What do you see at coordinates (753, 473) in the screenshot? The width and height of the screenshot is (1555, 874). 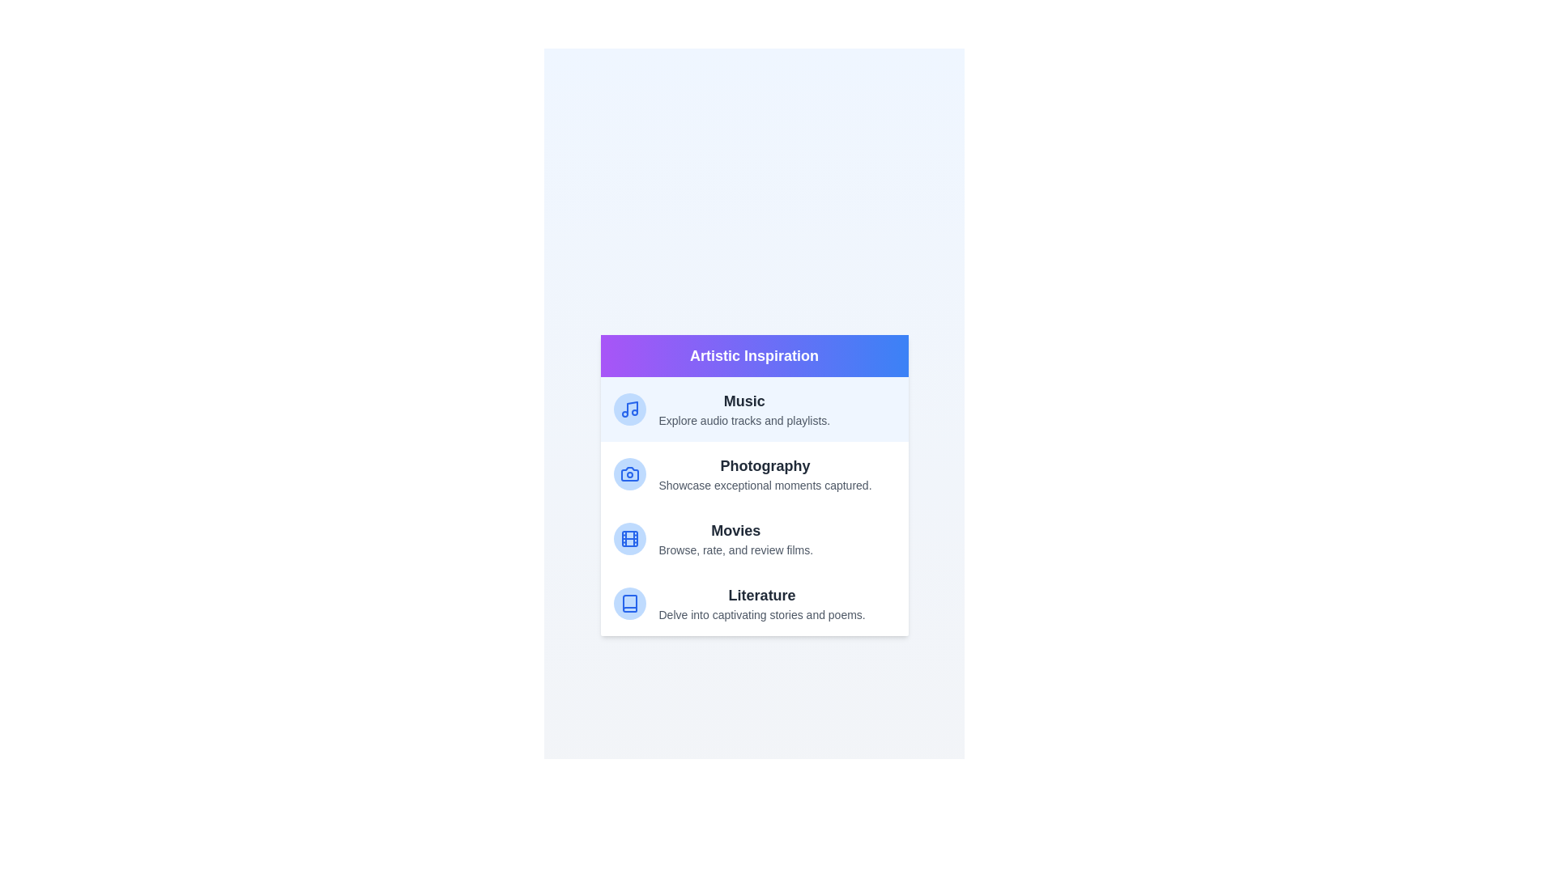 I see `the category Photography to read its description` at bounding box center [753, 473].